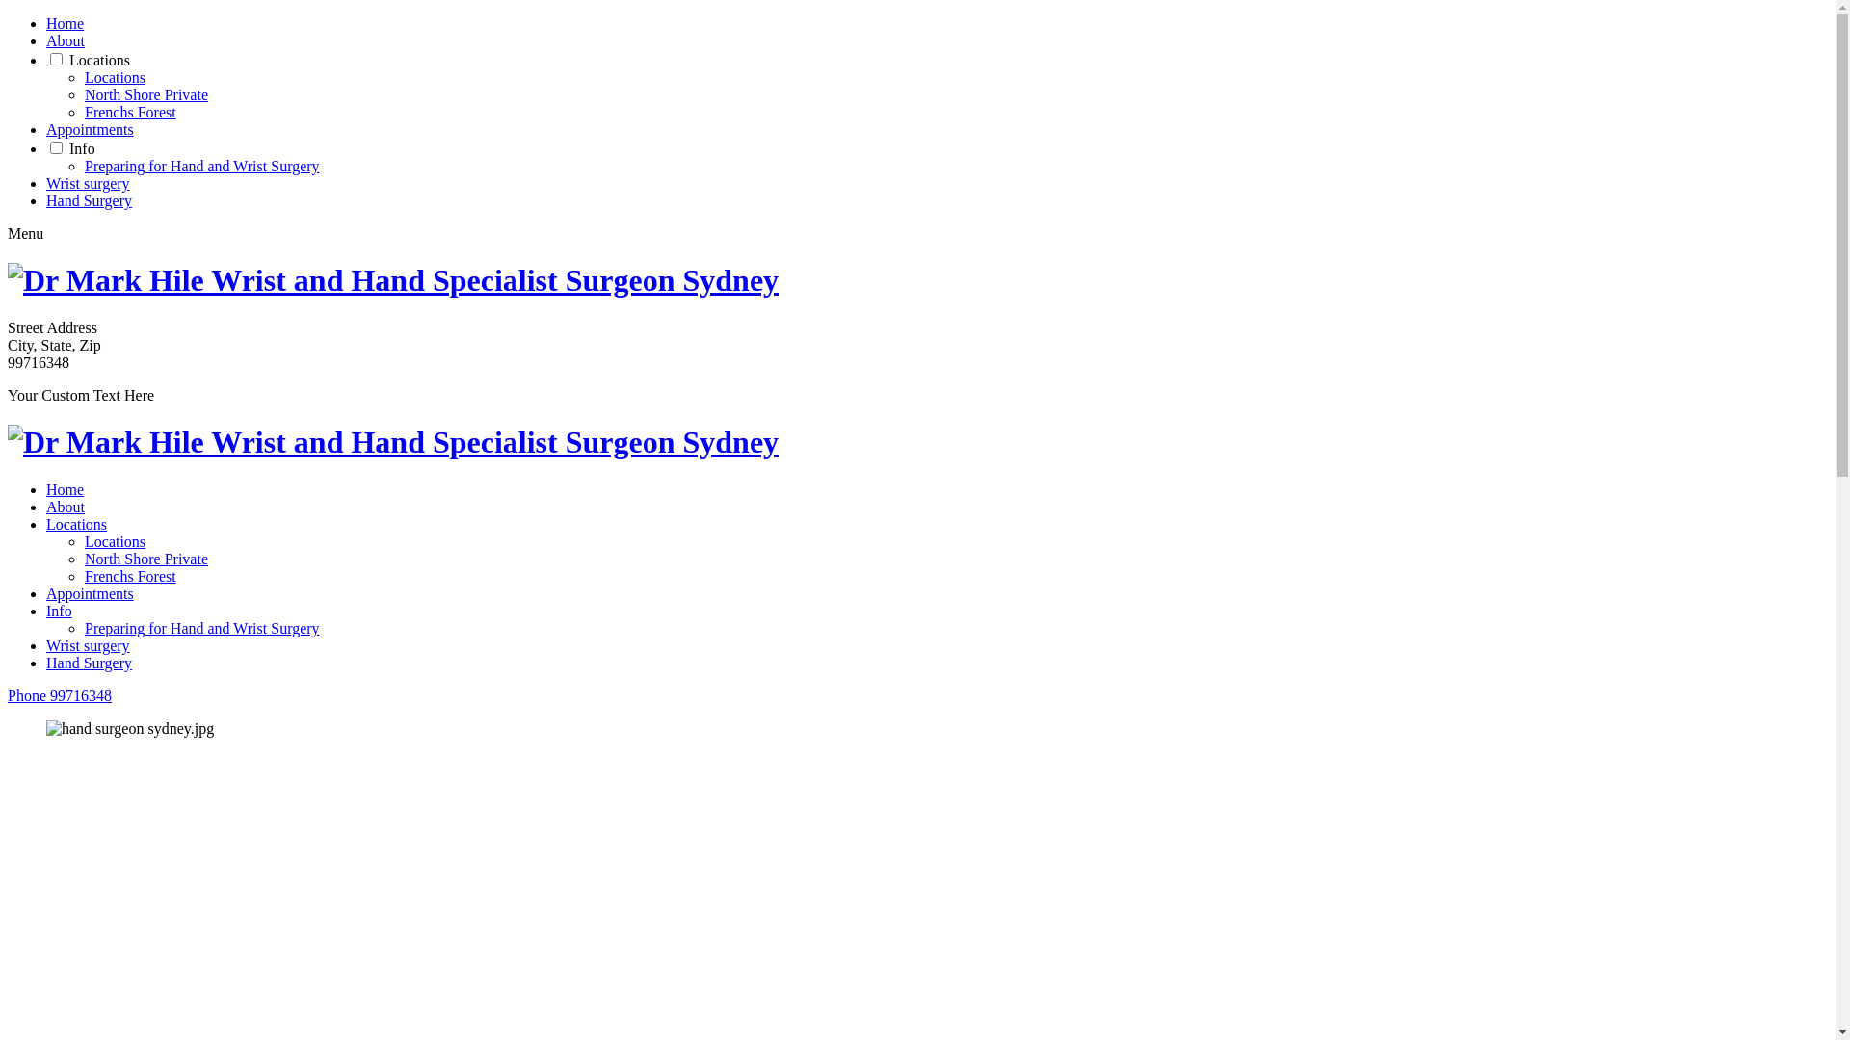  Describe the element at coordinates (60, 695) in the screenshot. I see `'Phone 99716348'` at that location.